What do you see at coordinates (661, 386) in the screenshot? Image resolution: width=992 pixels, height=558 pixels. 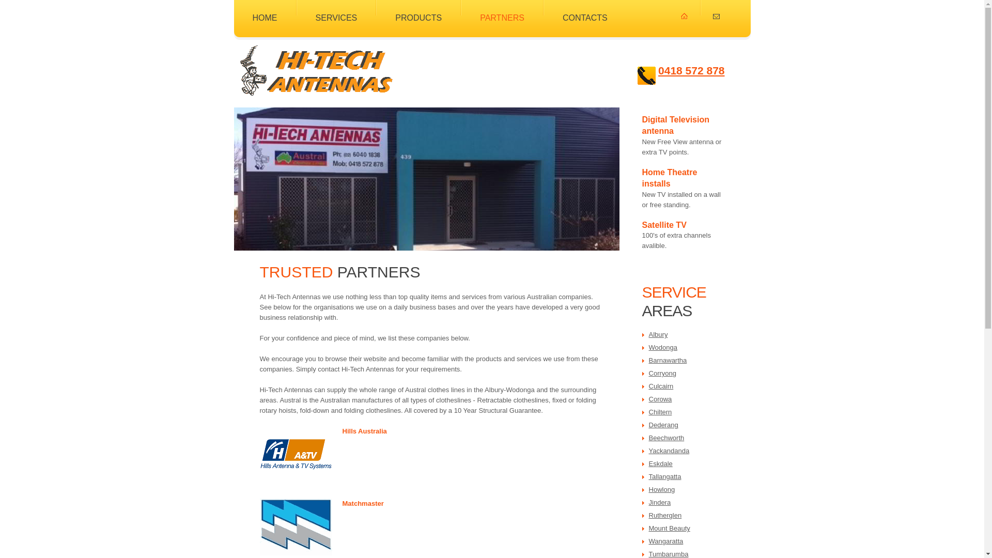 I see `'Culcairn'` at bounding box center [661, 386].